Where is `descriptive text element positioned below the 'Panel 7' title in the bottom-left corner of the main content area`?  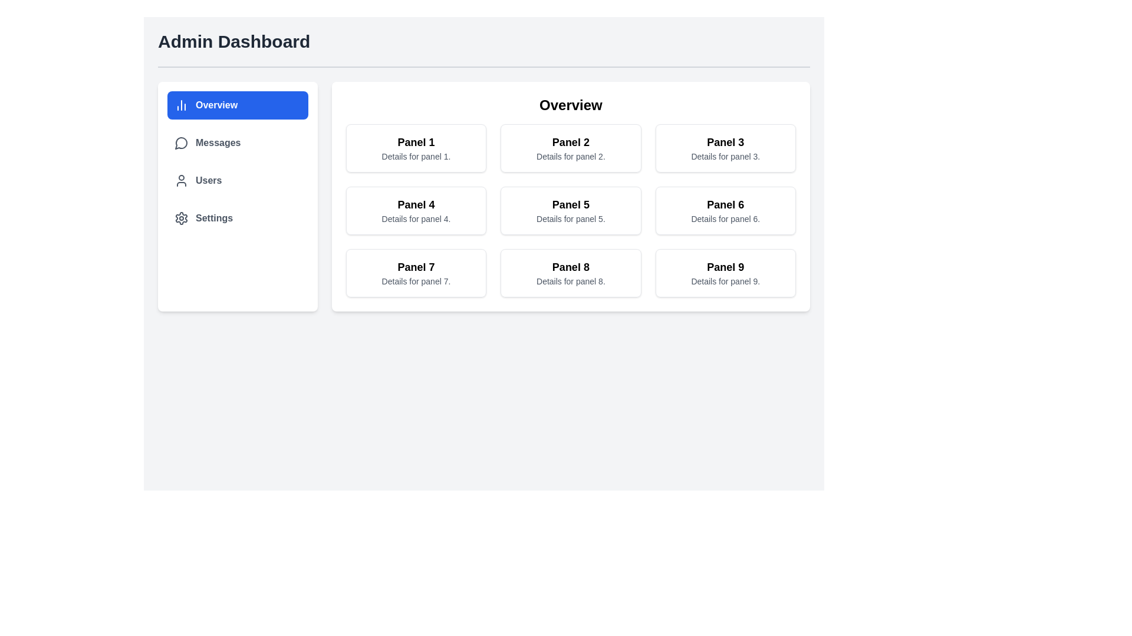 descriptive text element positioned below the 'Panel 7' title in the bottom-left corner of the main content area is located at coordinates (416, 281).